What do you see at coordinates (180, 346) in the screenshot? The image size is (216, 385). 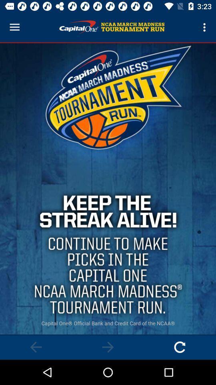 I see `the refresh icon` at bounding box center [180, 346].